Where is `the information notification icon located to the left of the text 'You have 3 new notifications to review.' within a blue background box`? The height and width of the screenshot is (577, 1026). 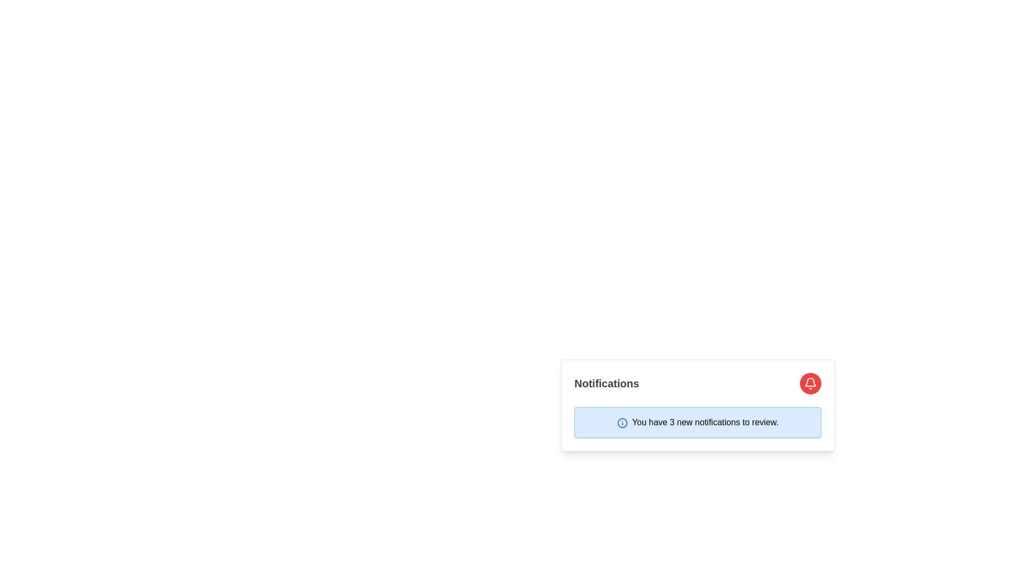
the information notification icon located to the left of the text 'You have 3 new notifications to review.' within a blue background box is located at coordinates (622, 422).